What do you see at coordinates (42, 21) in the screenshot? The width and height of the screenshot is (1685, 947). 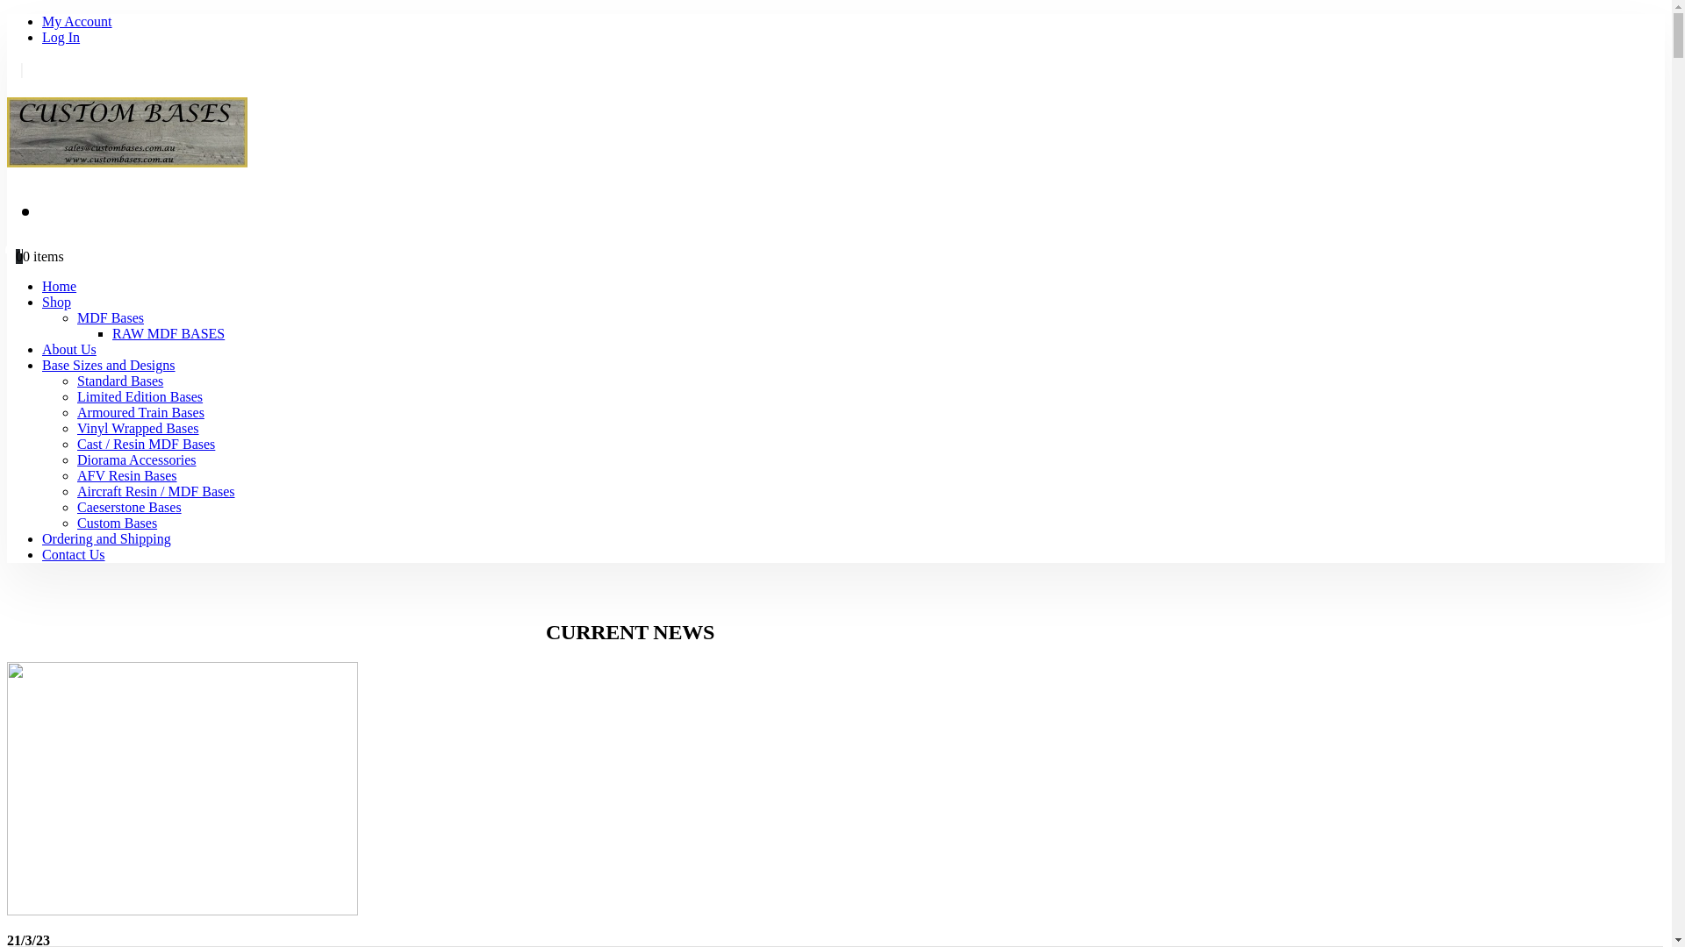 I see `'My Account'` at bounding box center [42, 21].